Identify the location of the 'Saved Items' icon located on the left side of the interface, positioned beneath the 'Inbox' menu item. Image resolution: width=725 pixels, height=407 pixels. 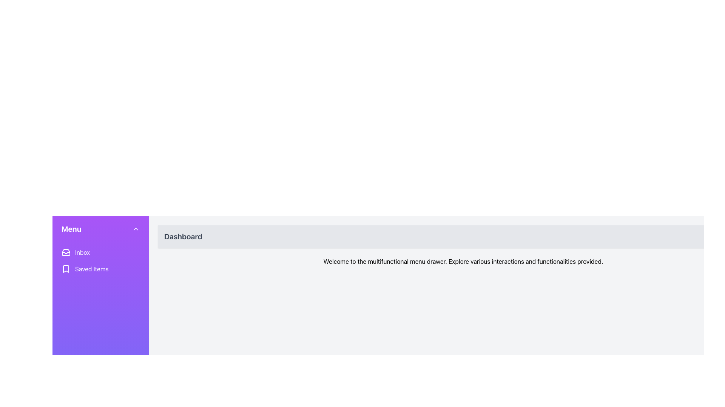
(66, 268).